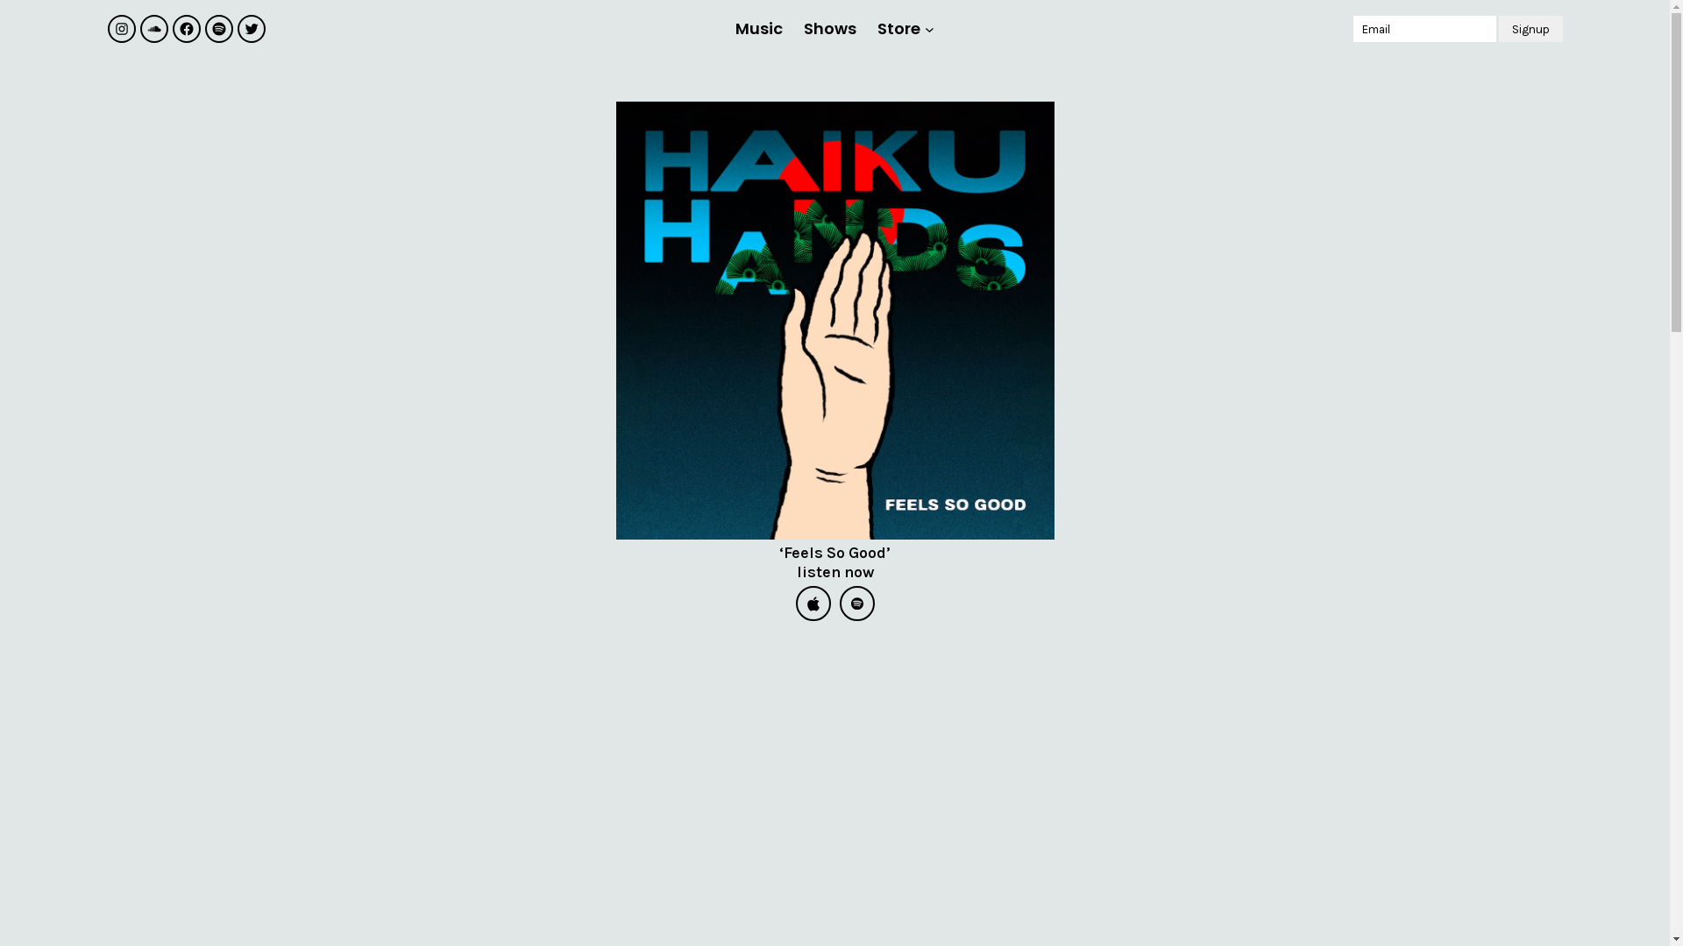  I want to click on 'Signup', so click(1530, 29).